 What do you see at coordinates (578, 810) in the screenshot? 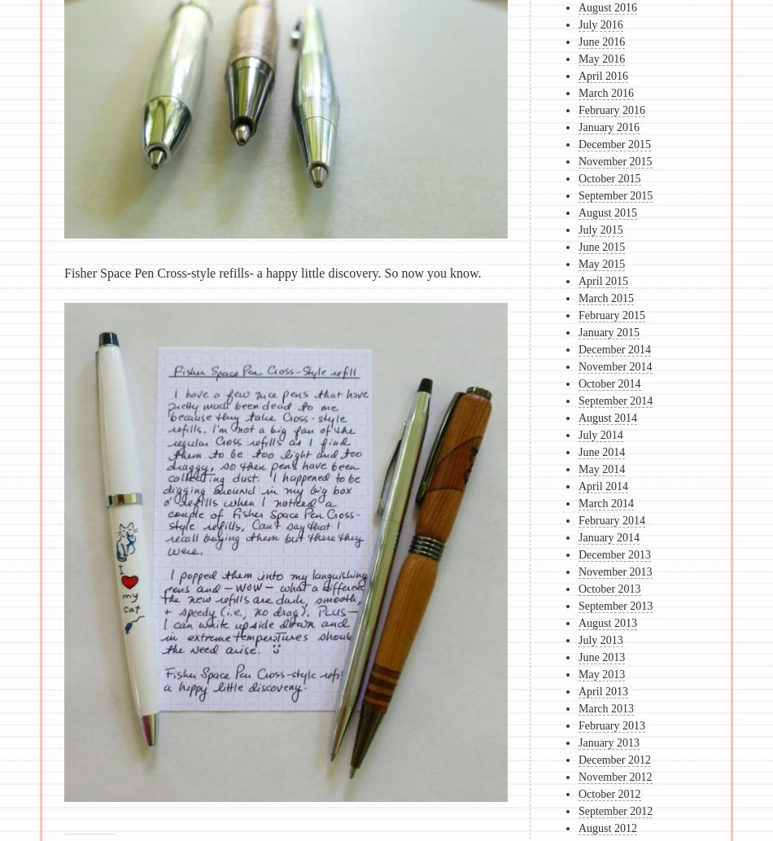
I see `'September 2012'` at bounding box center [578, 810].